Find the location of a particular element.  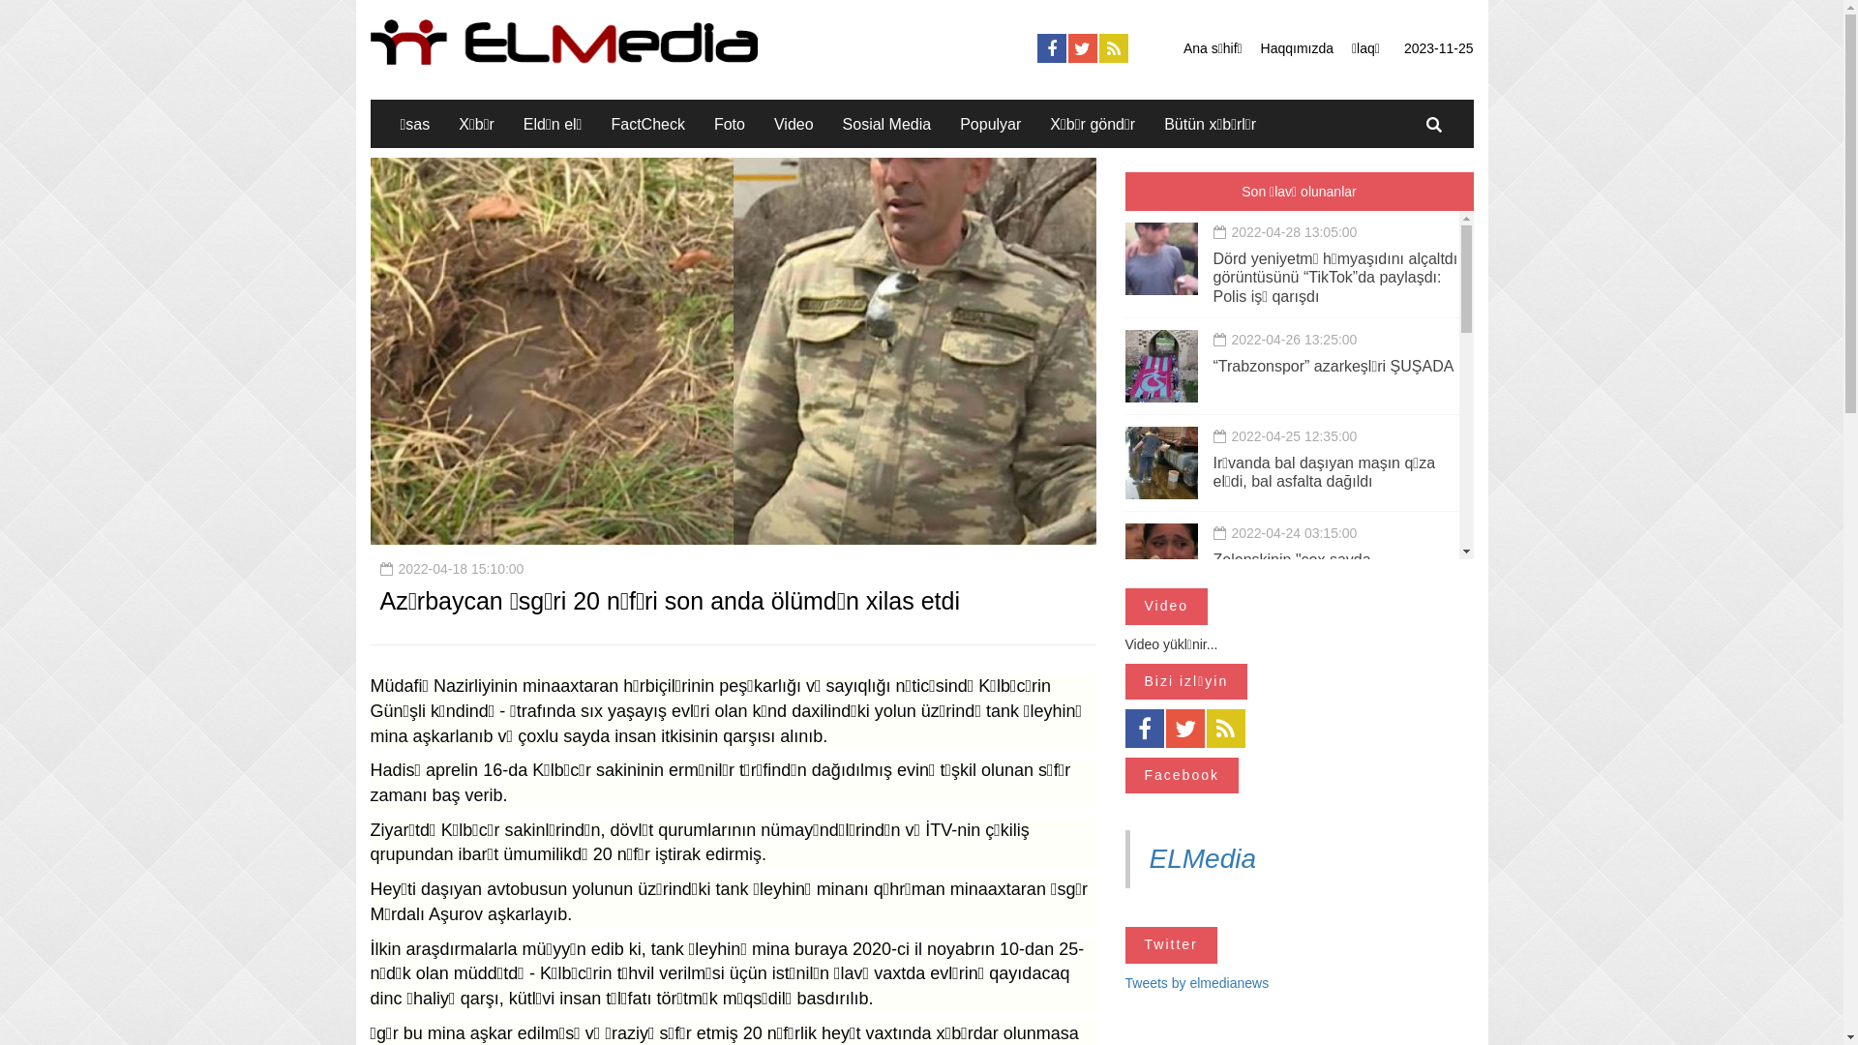

'Tweets by elmedianews' is located at coordinates (1195, 982).